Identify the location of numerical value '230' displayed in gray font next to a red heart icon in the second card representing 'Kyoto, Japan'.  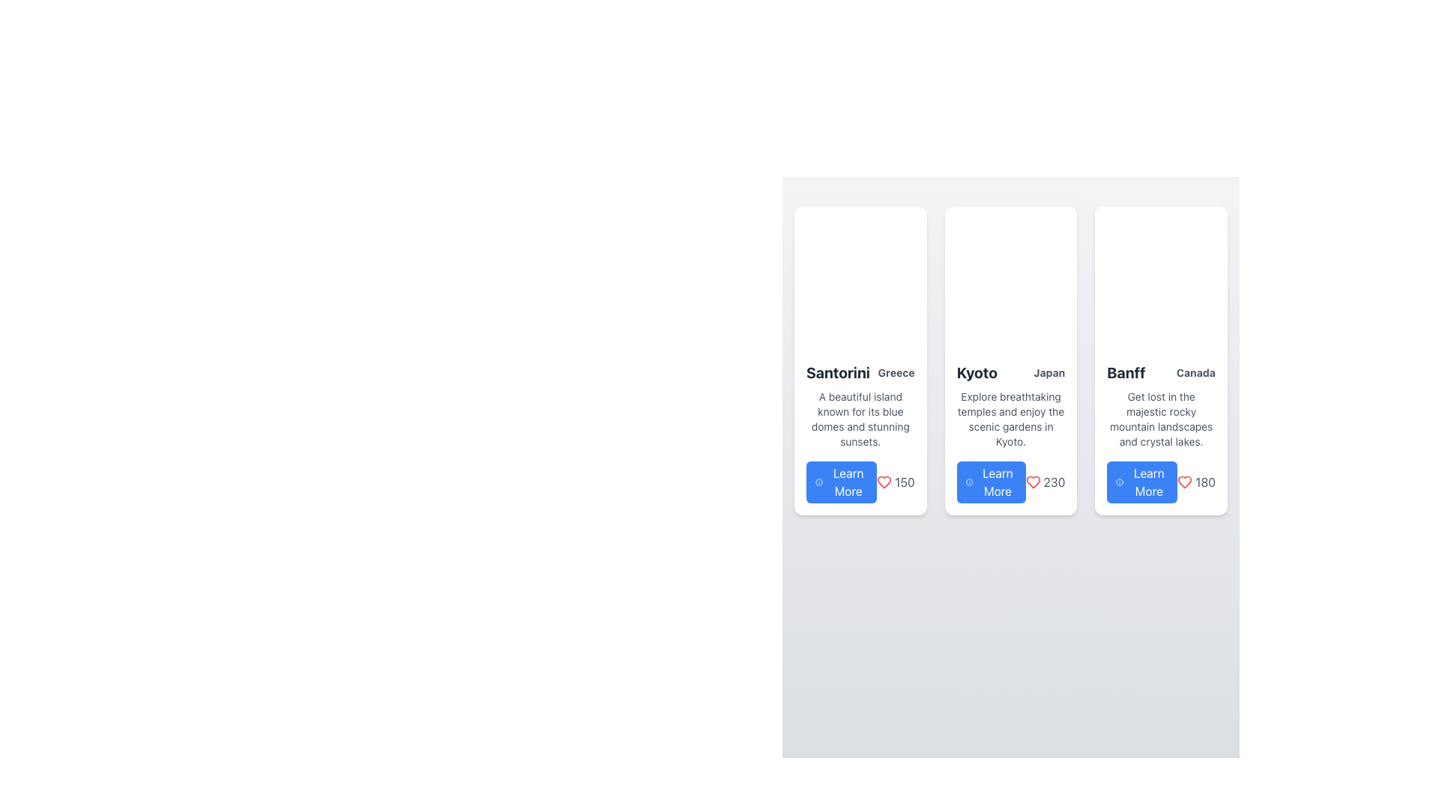
(1044, 482).